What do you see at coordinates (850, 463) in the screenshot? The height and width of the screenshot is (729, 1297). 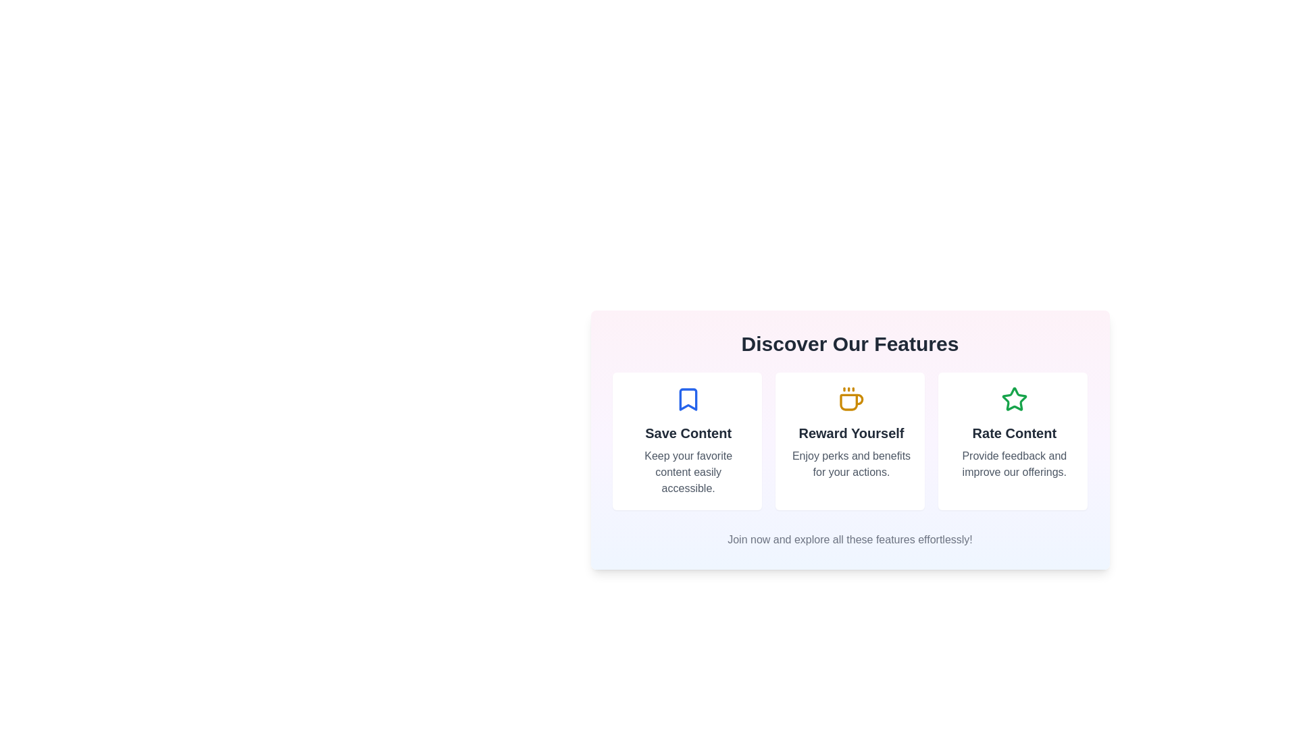 I see `text label stating 'Enjoy perks and benefits for your actions.' which is styled in a smaller gray font and located beneath the 'Reward Yourself' heading and coffee cup icon` at bounding box center [850, 463].